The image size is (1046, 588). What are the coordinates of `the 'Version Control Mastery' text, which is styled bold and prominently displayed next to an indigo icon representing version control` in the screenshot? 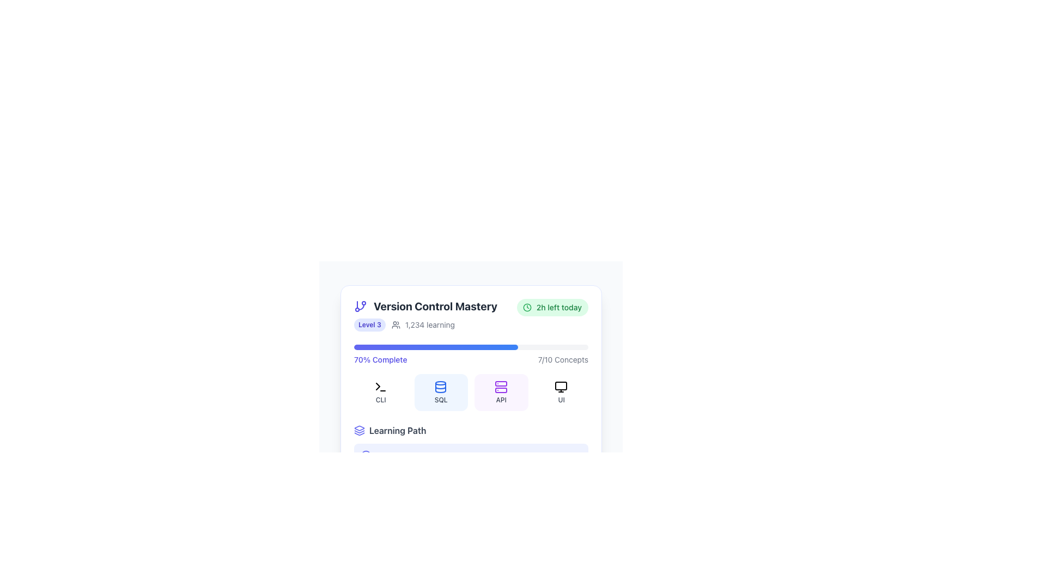 It's located at (425, 307).